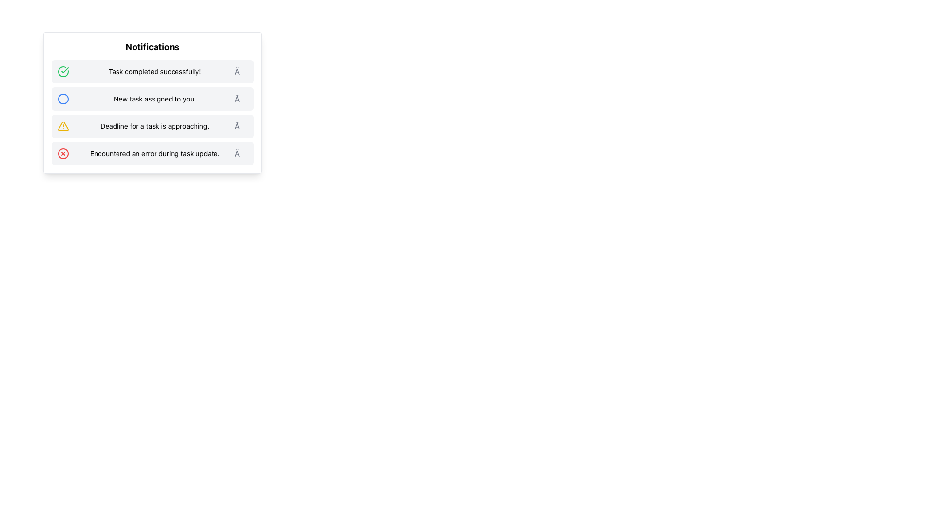 This screenshot has width=936, height=527. Describe the element at coordinates (62, 154) in the screenshot. I see `the error icon located at the leftmost position in the bottom notification entry of the 'Notifications' section, which accompanies the message 'Encountered an error during task update.'` at that location.